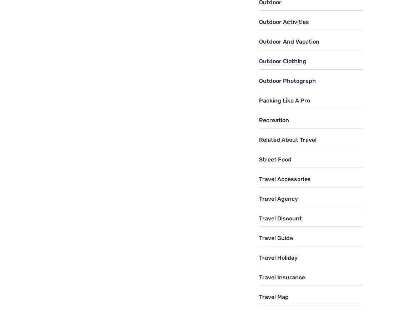 This screenshot has width=393, height=314. Describe the element at coordinates (258, 80) in the screenshot. I see `'Outdoor Photograph'` at that location.